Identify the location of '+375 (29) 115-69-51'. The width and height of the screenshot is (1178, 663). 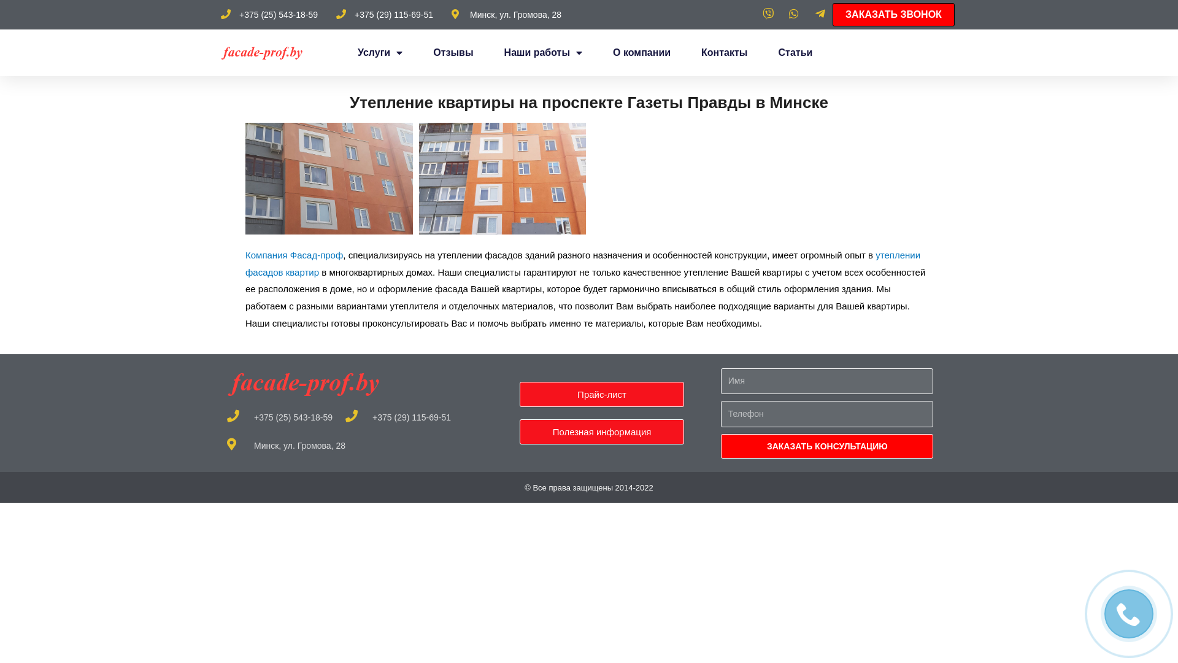
(384, 14).